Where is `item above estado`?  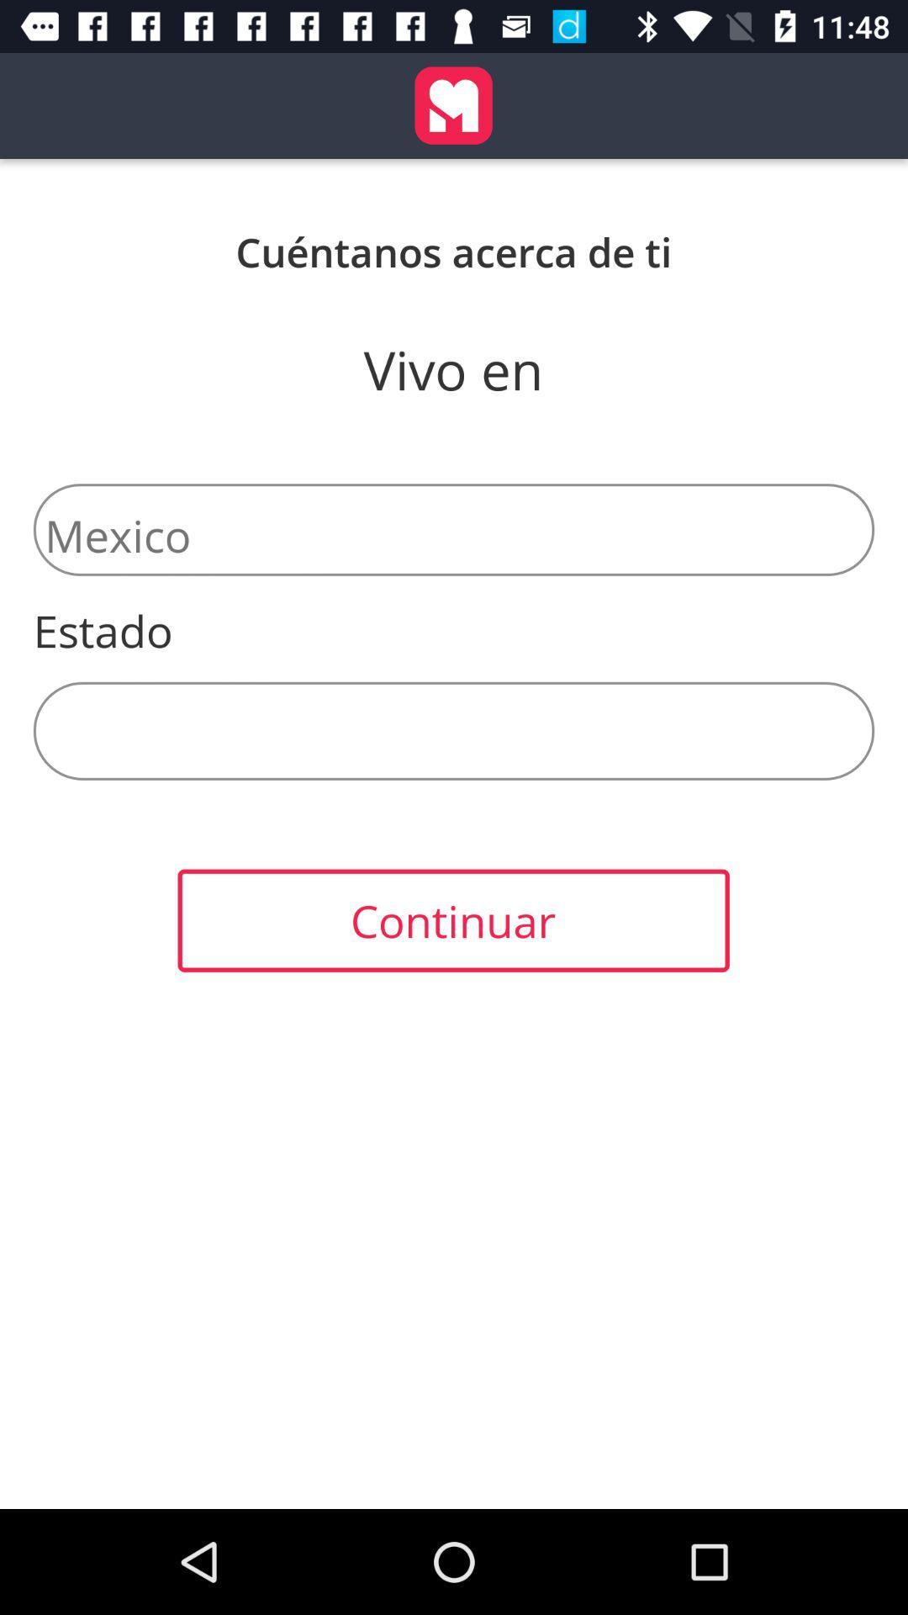 item above estado is located at coordinates (454, 528).